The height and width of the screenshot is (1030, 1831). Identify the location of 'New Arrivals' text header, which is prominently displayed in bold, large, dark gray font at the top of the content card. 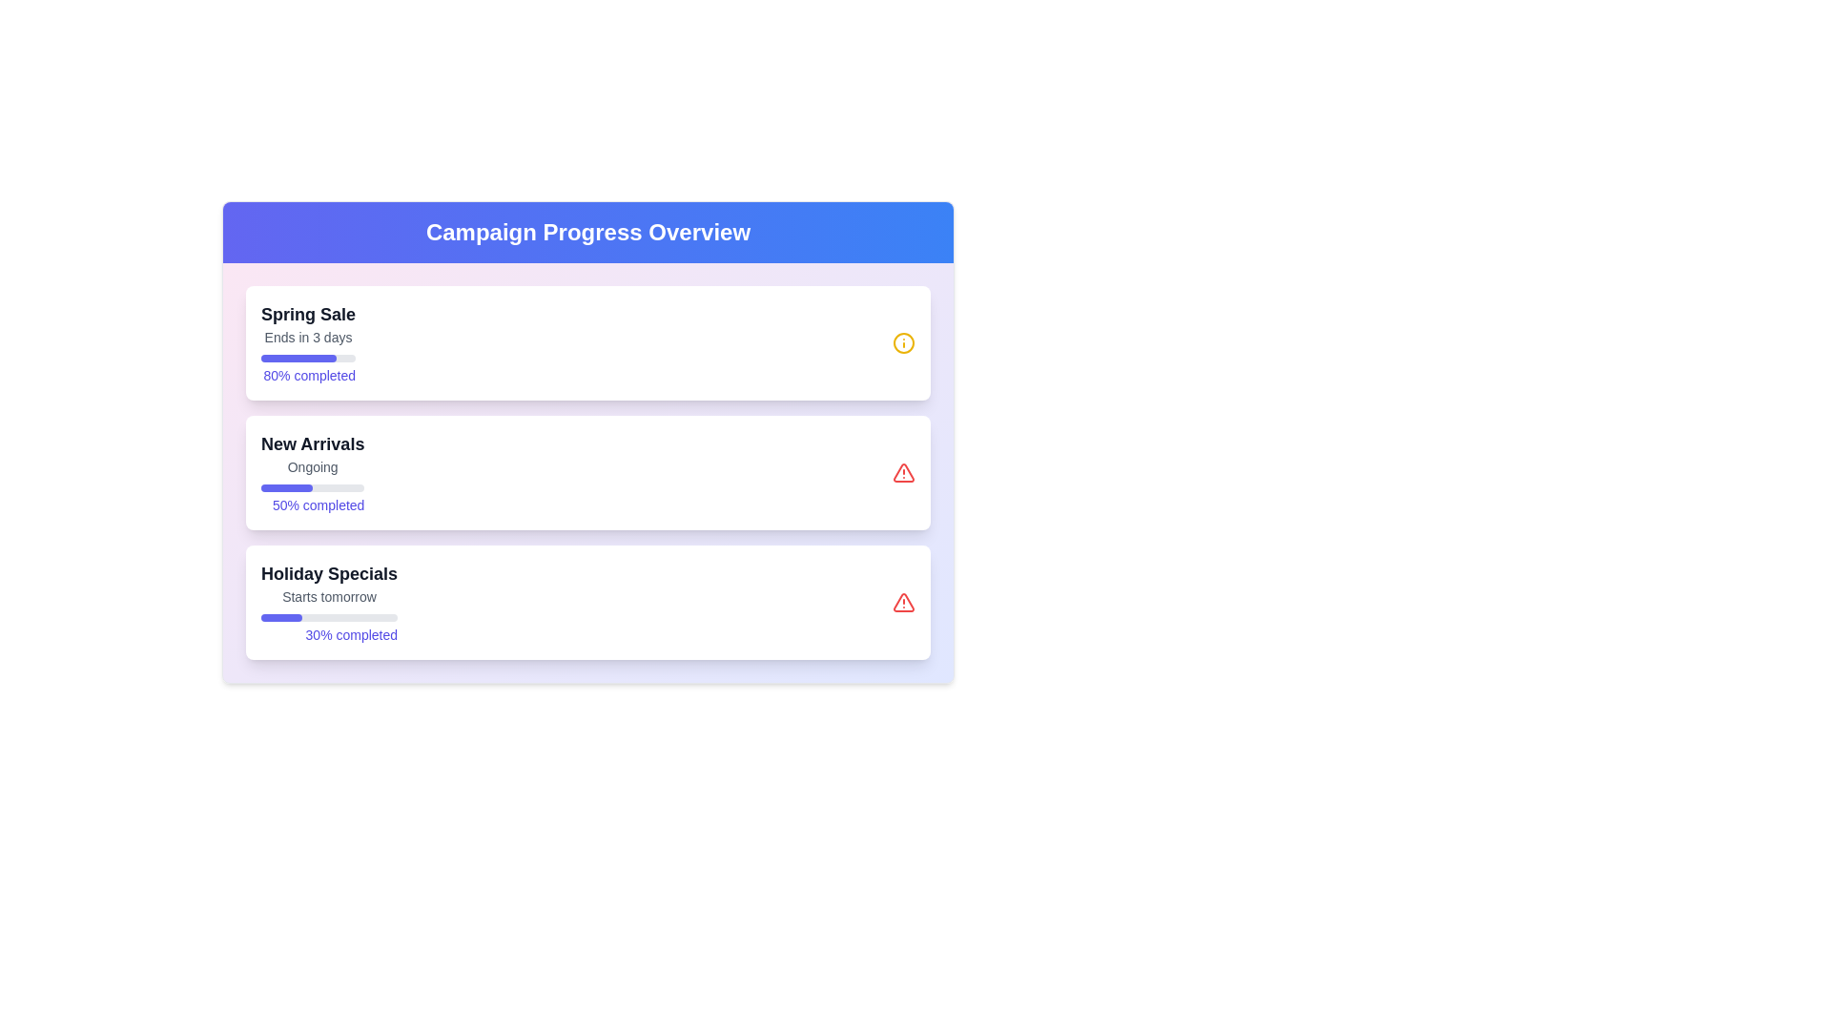
(313, 444).